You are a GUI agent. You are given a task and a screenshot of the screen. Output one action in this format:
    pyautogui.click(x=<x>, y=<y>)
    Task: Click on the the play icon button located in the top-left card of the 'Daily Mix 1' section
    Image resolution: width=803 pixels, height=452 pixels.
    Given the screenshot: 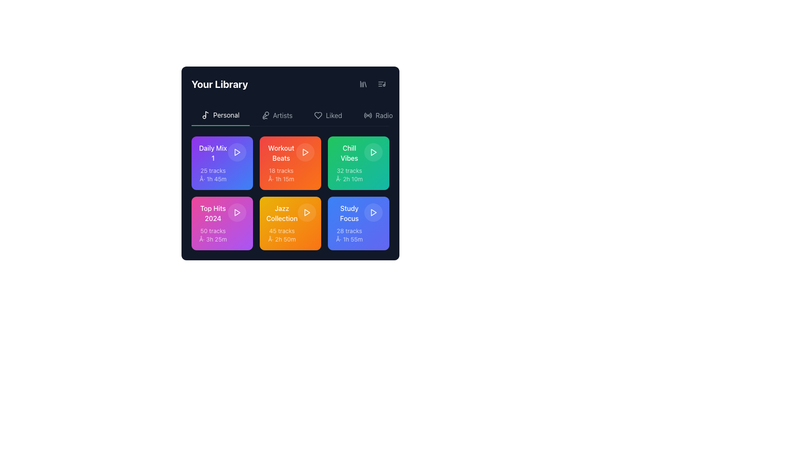 What is the action you would take?
    pyautogui.click(x=236, y=152)
    